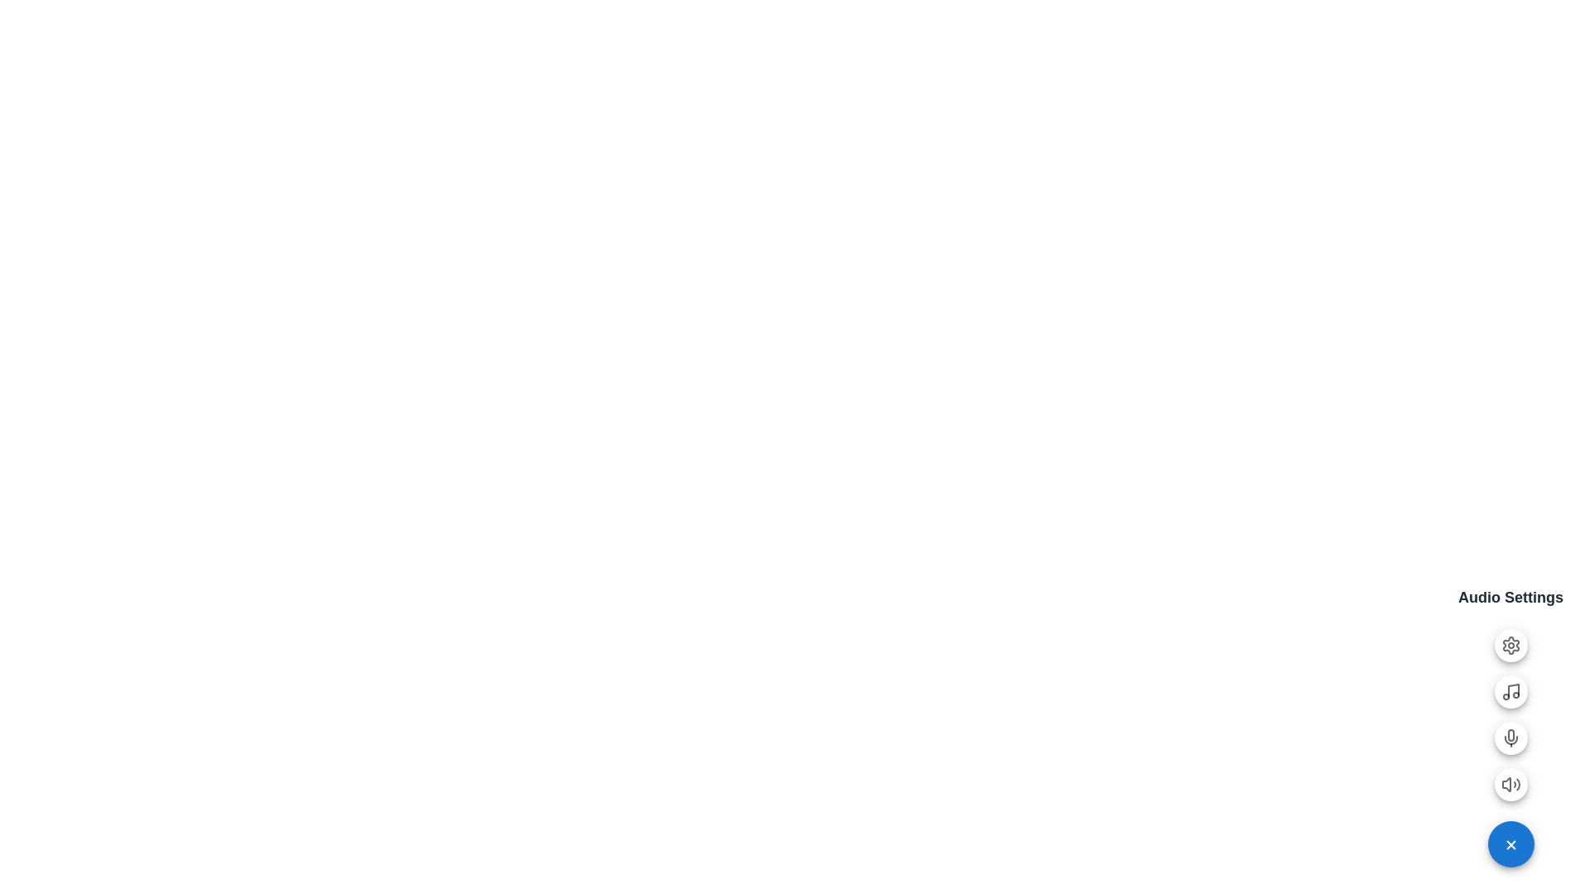 This screenshot has height=894, width=1590. I want to click on the volume icon, which resembles a speaker with sound waves, located in the bottom right corner of the interface below the 'Audio Settings' label, so click(1506, 784).